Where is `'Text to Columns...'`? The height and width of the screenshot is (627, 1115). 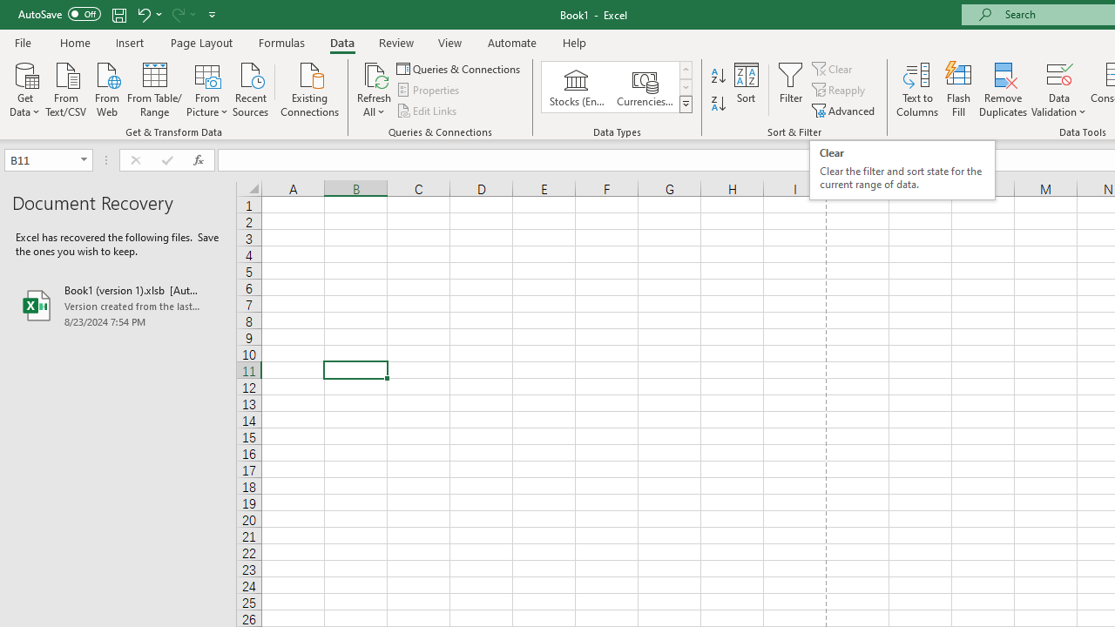 'Text to Columns...' is located at coordinates (916, 90).